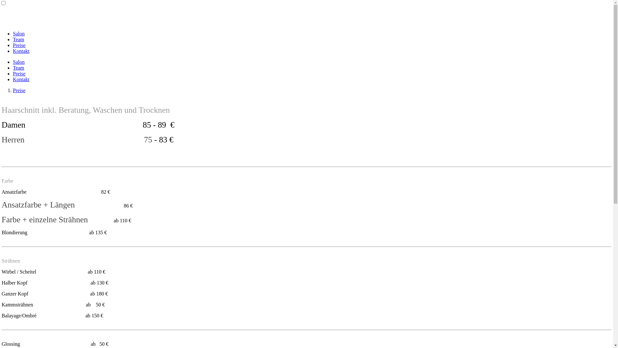 The width and height of the screenshot is (618, 348). What do you see at coordinates (13, 51) in the screenshot?
I see `'Kontakt'` at bounding box center [13, 51].